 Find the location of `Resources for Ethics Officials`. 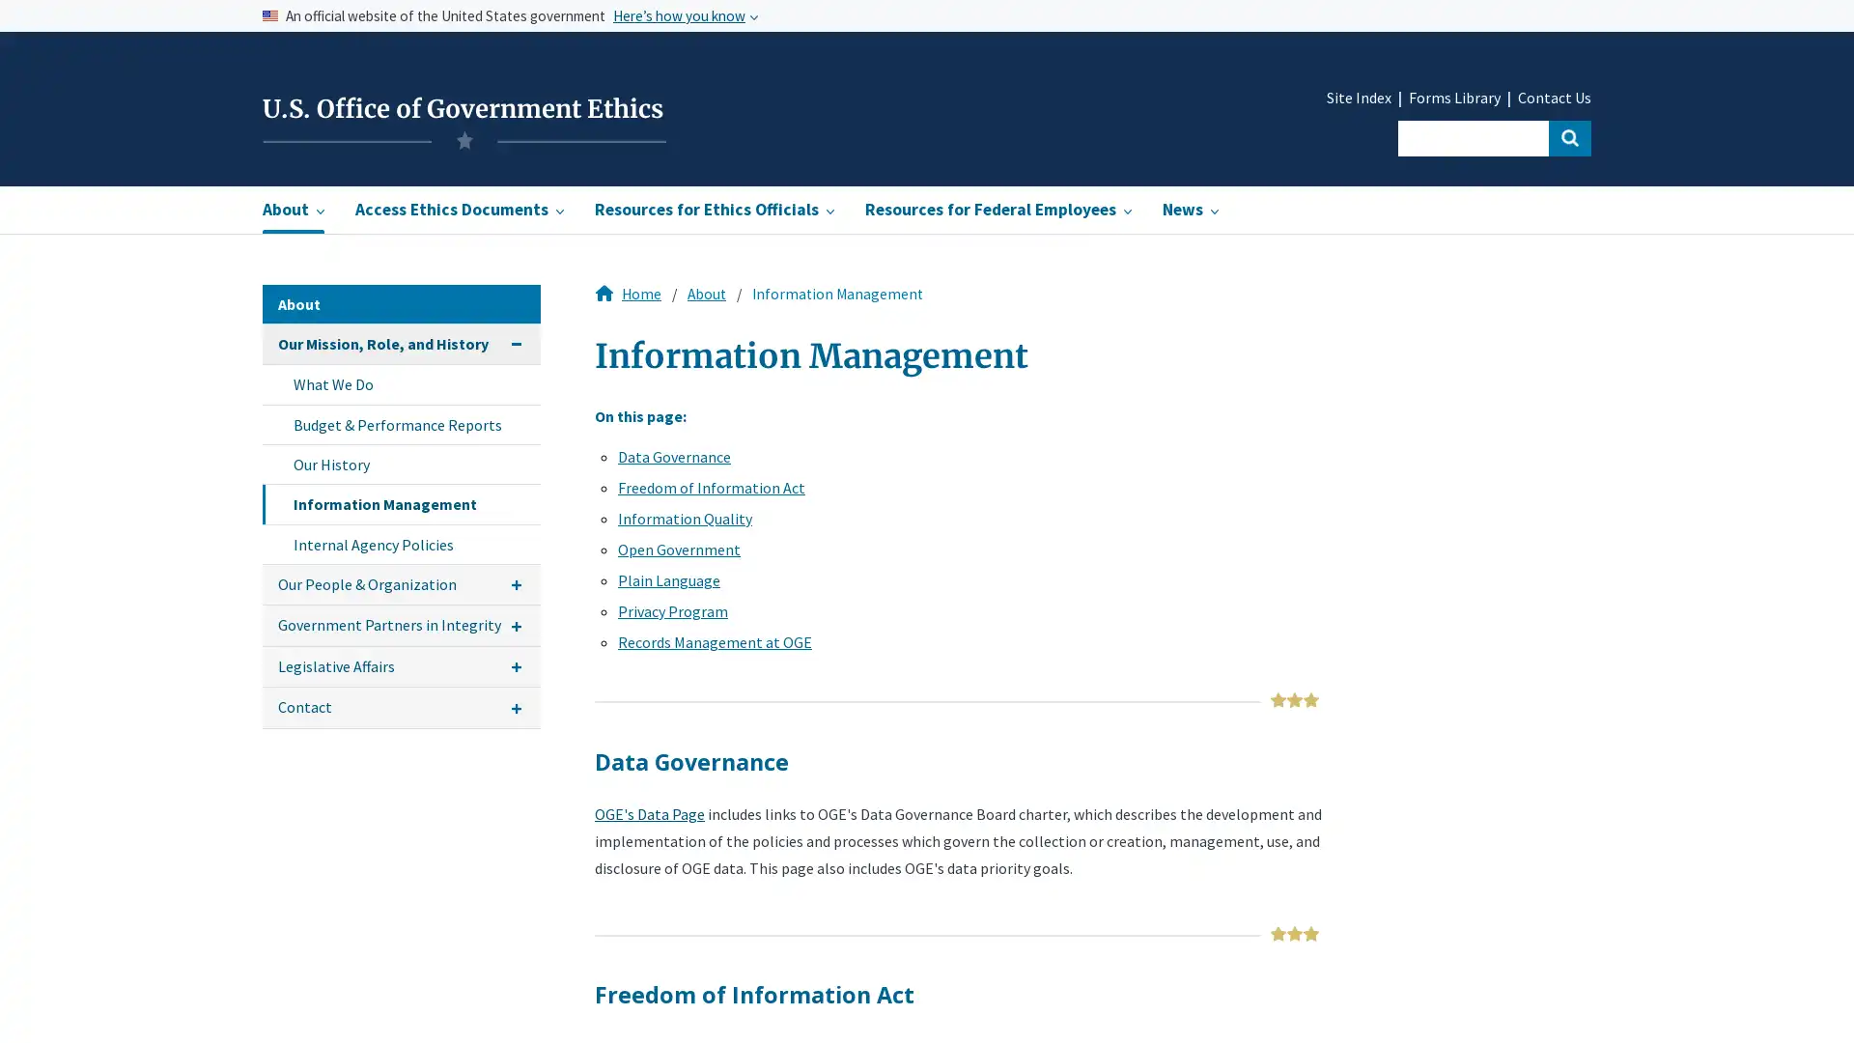

Resources for Ethics Officials is located at coordinates (713, 209).